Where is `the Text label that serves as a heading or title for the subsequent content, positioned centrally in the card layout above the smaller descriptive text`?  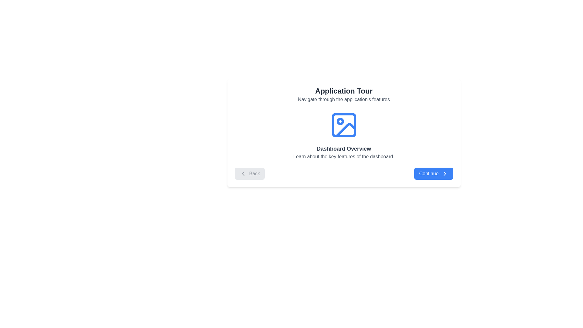 the Text label that serves as a heading or title for the subsequent content, positioned centrally in the card layout above the smaller descriptive text is located at coordinates (344, 149).